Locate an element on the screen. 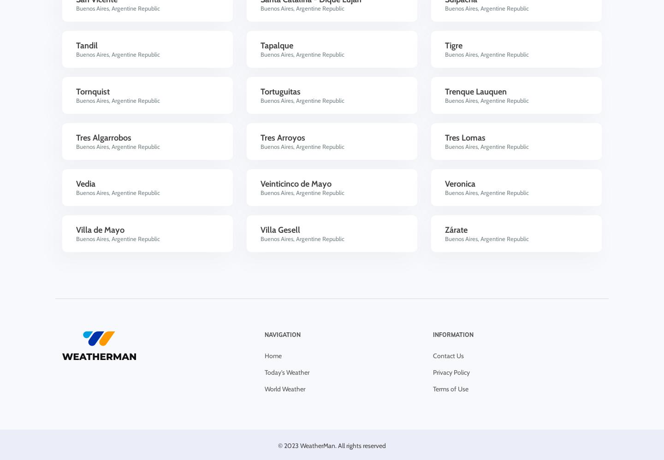  'Villa Gesell' is located at coordinates (279, 229).